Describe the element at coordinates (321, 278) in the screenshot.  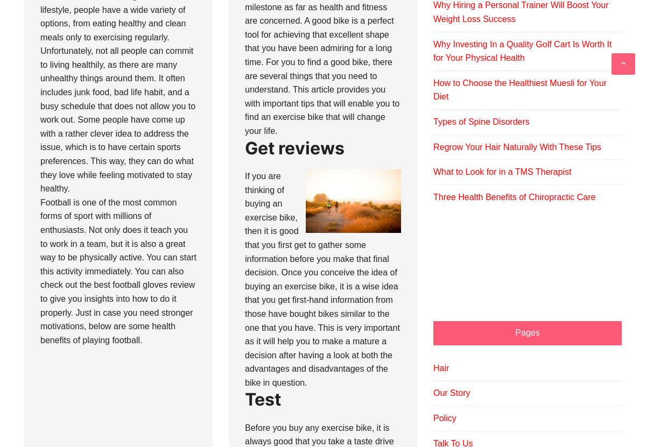
I see `'If you are thinking of buying an exercise bike, then it is good that you first get to gather some information before you make that final decision. Once you conceive the idea of buying an exercise bike, it is a wise idea that you get first-hand information from those have bought bikes similar to the one that you have. This is very important as it will help you to make a mature a decision after having a look at both the advantages and disadvantages of the bike in question.'` at that location.